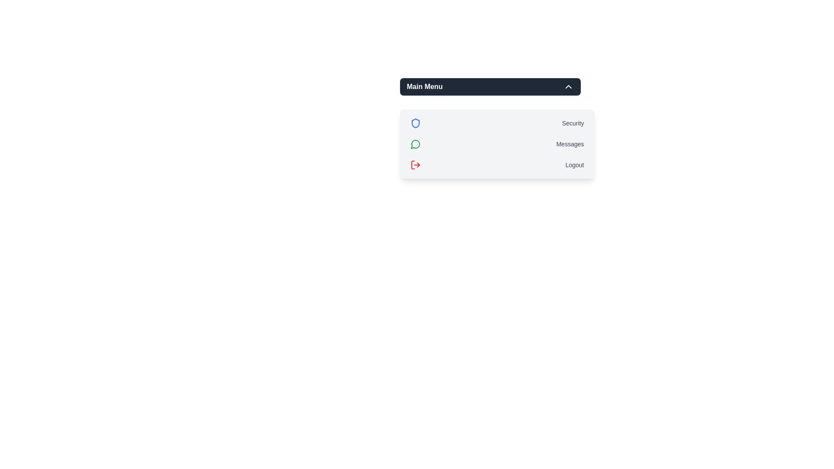  Describe the element at coordinates (424, 87) in the screenshot. I see `the text label indicating the main menu of the application, located` at that location.